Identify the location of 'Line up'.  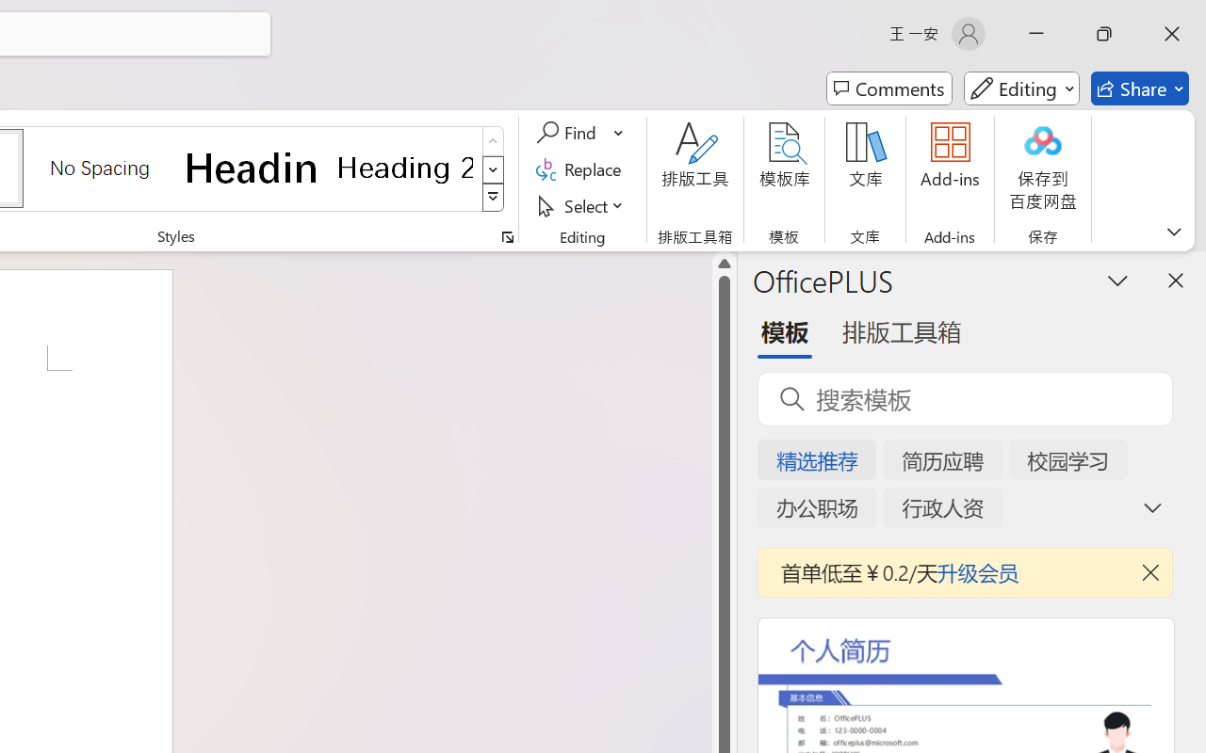
(724, 264).